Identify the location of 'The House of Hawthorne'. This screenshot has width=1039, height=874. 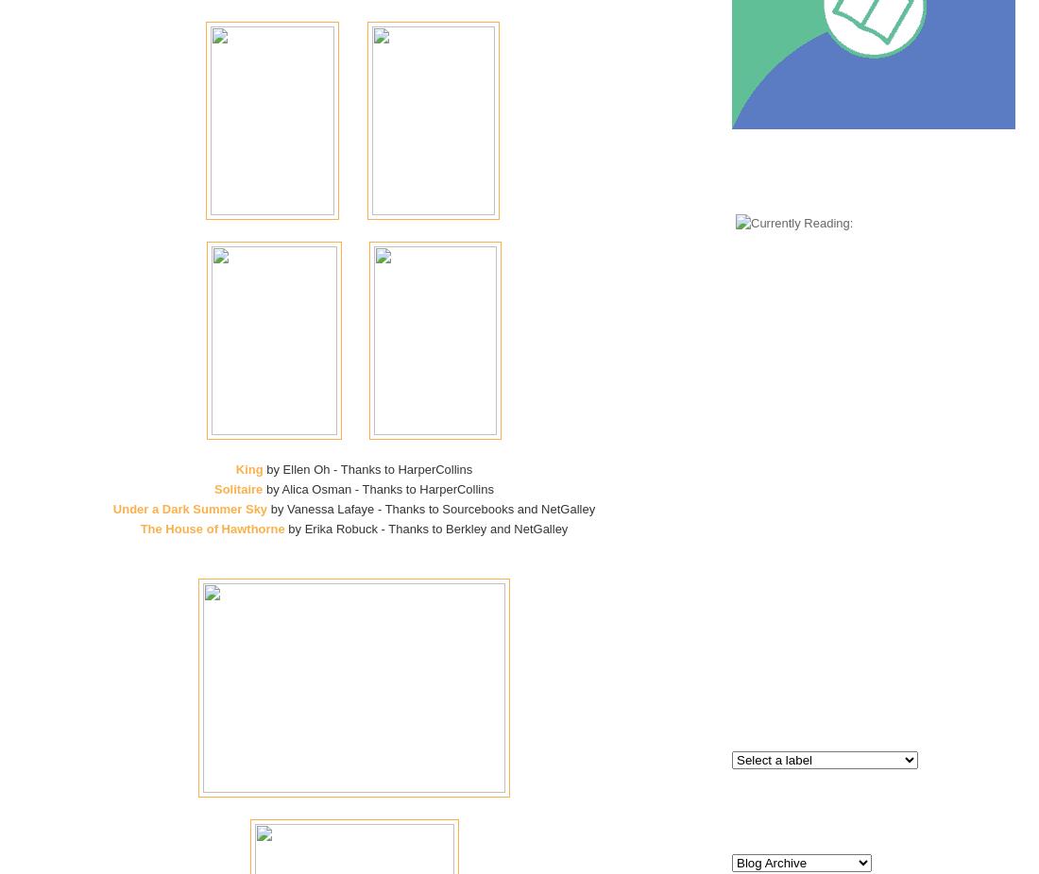
(212, 527).